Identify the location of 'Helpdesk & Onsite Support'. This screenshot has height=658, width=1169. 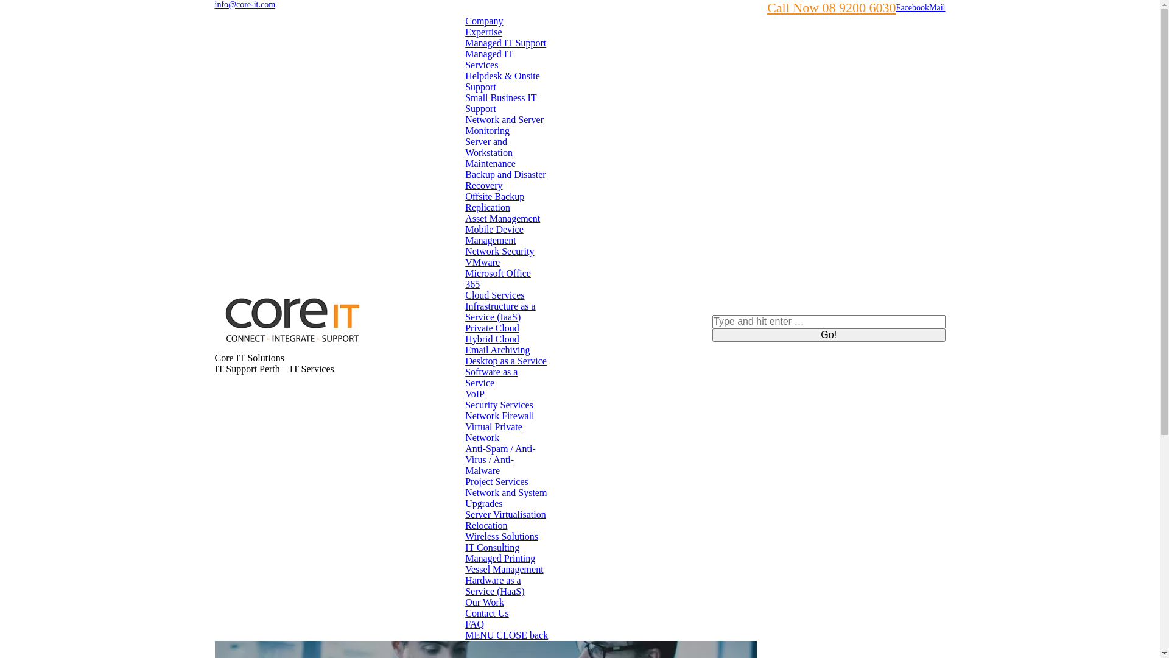
(502, 81).